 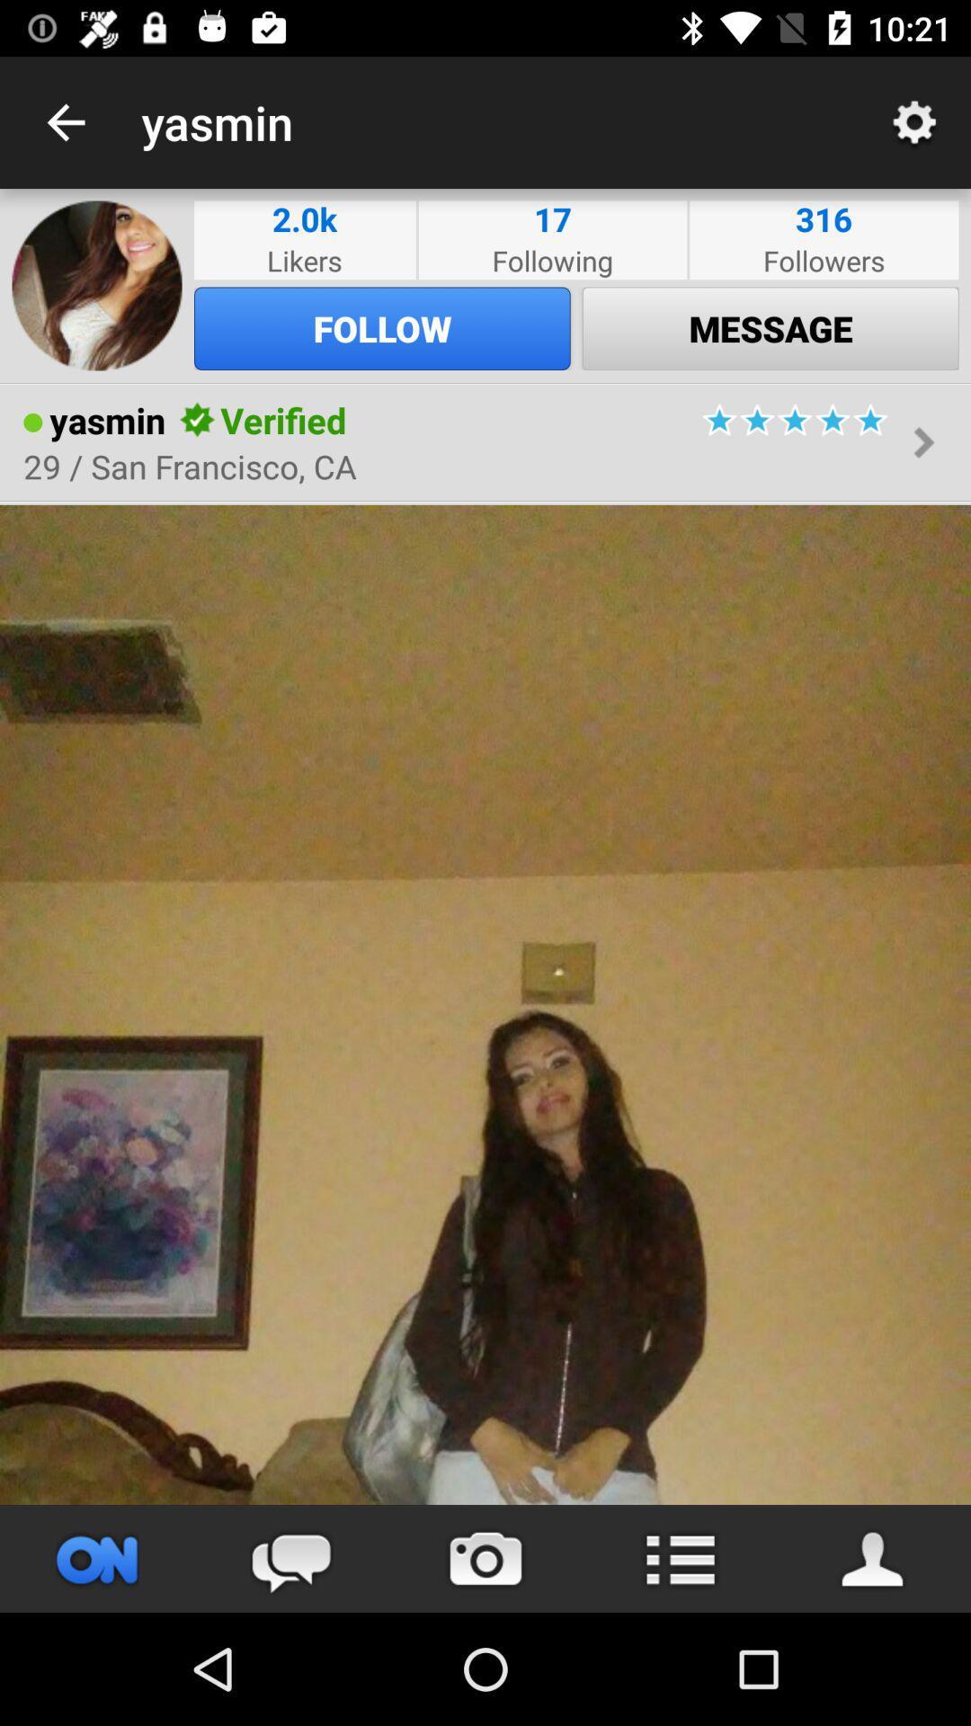 I want to click on icon to the right of the follow item, so click(x=770, y=328).